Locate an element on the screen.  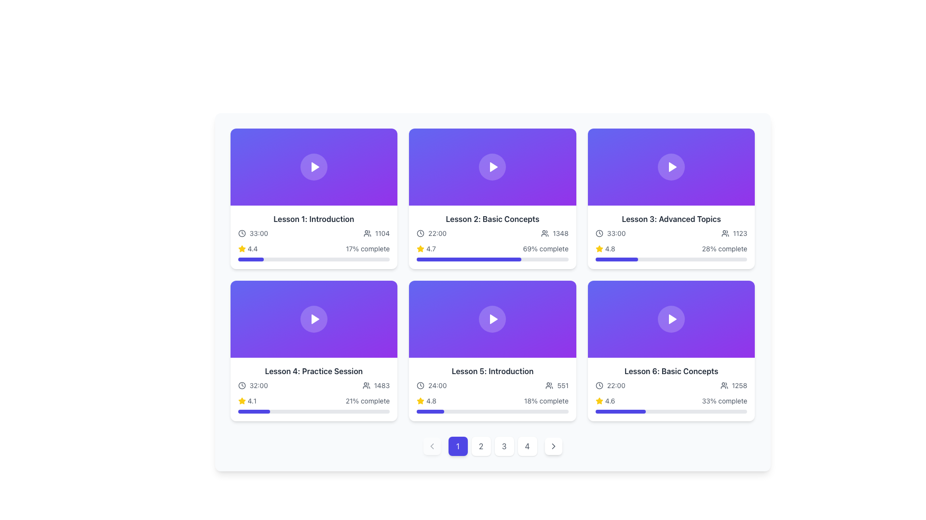
the circular button labeled '3' with a white background and gray border is located at coordinates (504, 446).